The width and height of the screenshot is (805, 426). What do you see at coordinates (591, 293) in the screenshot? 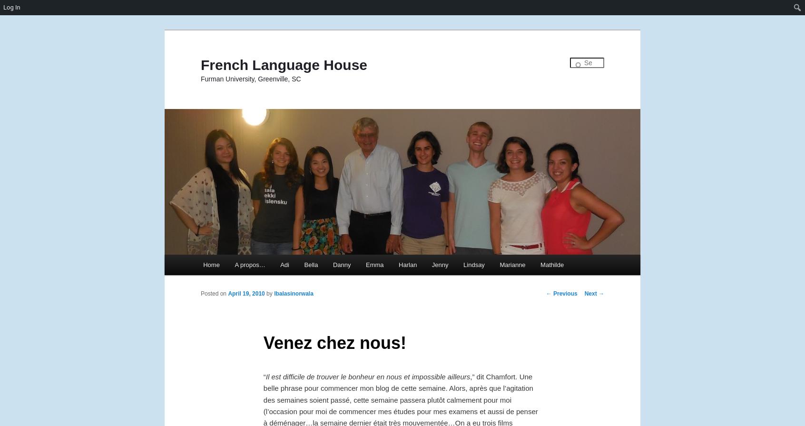
I see `'Next'` at bounding box center [591, 293].